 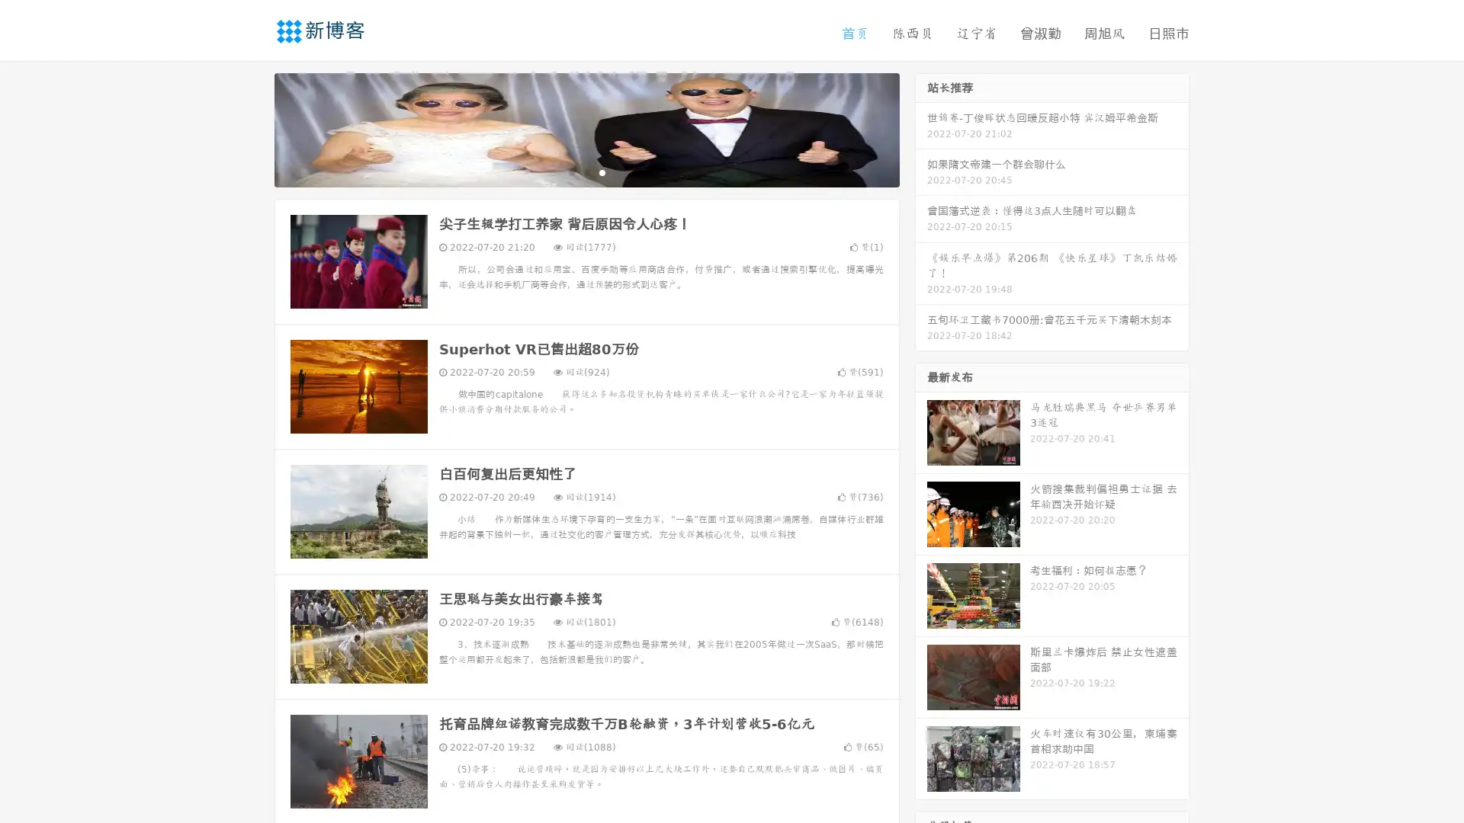 I want to click on Next slide, so click(x=921, y=128).